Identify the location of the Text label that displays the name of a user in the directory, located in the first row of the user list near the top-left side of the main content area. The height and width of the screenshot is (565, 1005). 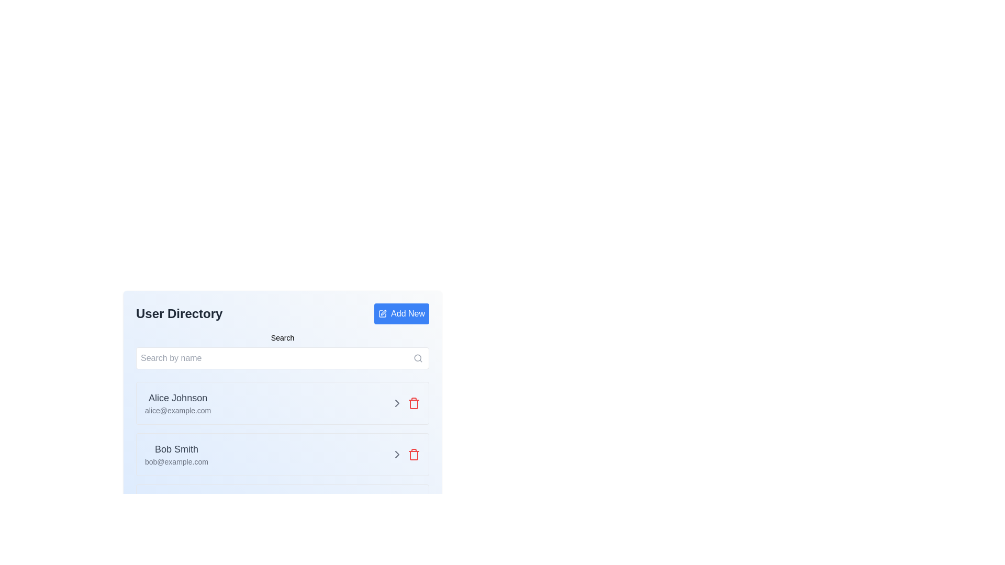
(178, 398).